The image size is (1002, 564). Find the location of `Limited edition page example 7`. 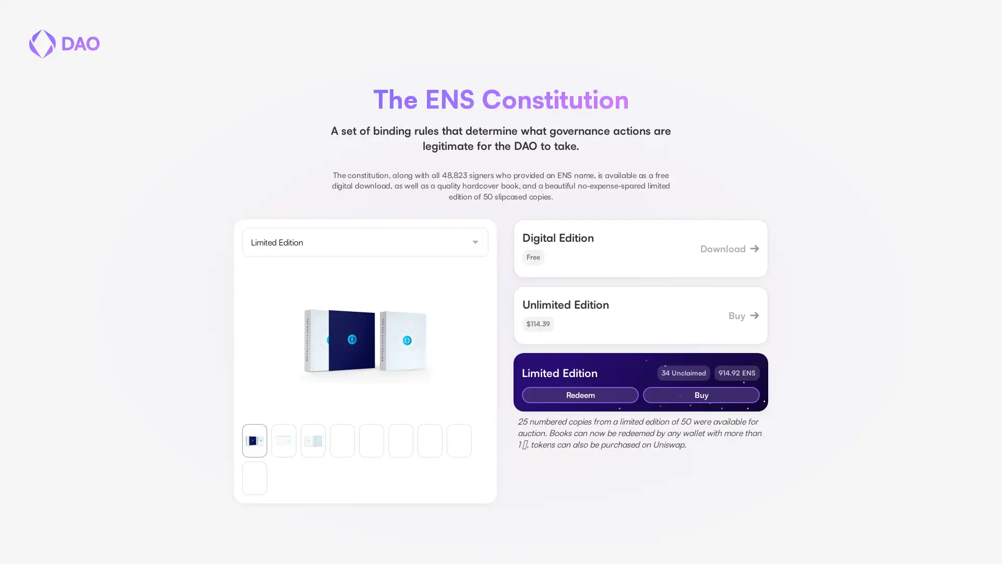

Limited edition page example 7 is located at coordinates (255, 477).